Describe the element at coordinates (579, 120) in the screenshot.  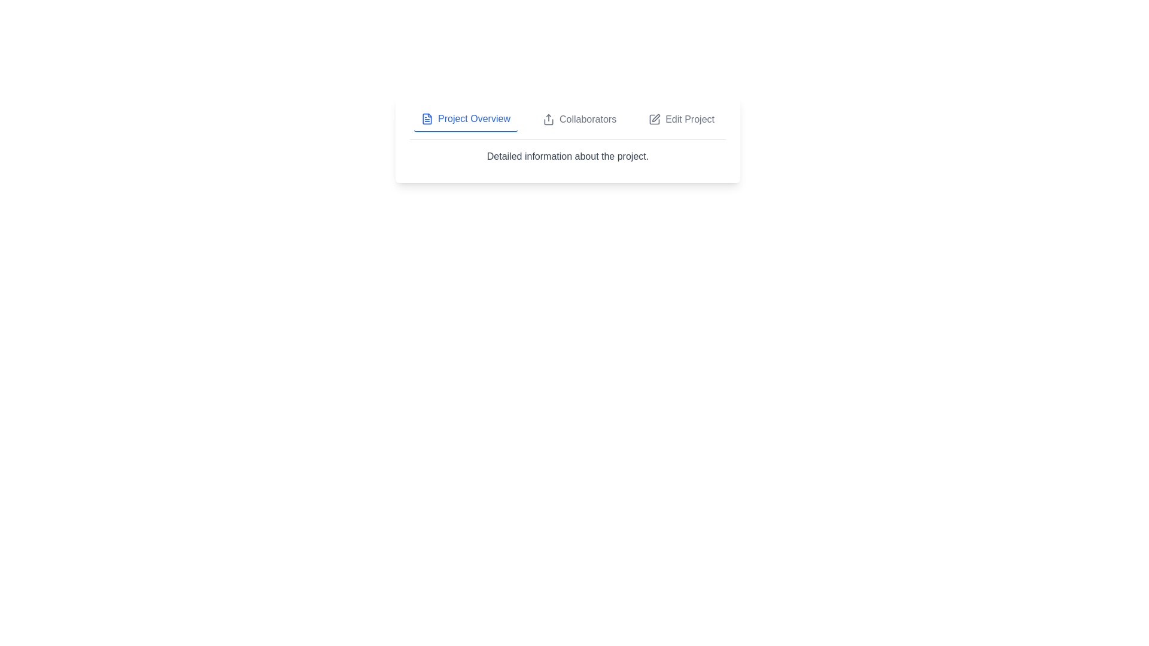
I see `the tab titled Collaborators to switch the content` at that location.